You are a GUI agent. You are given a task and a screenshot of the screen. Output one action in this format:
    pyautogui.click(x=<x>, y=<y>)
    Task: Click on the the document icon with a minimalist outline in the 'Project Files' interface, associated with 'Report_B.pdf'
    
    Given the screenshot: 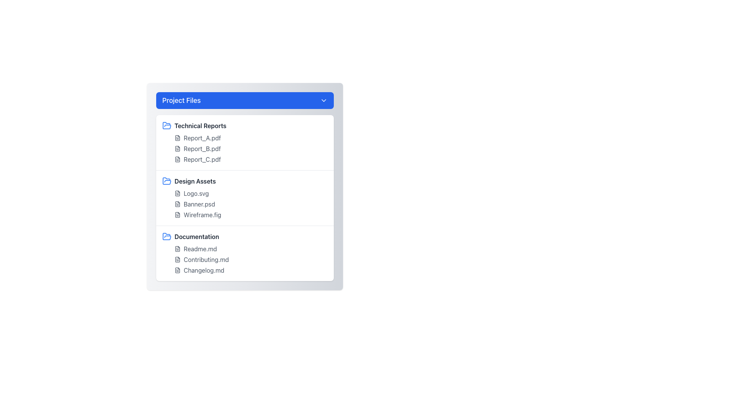 What is the action you would take?
    pyautogui.click(x=177, y=149)
    